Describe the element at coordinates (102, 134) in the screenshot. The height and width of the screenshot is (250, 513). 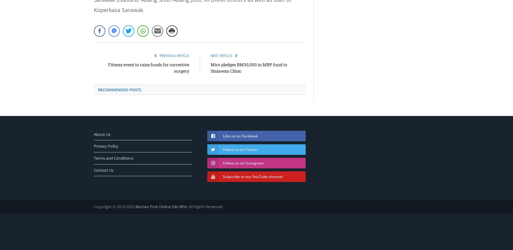
I see `'About Us'` at that location.